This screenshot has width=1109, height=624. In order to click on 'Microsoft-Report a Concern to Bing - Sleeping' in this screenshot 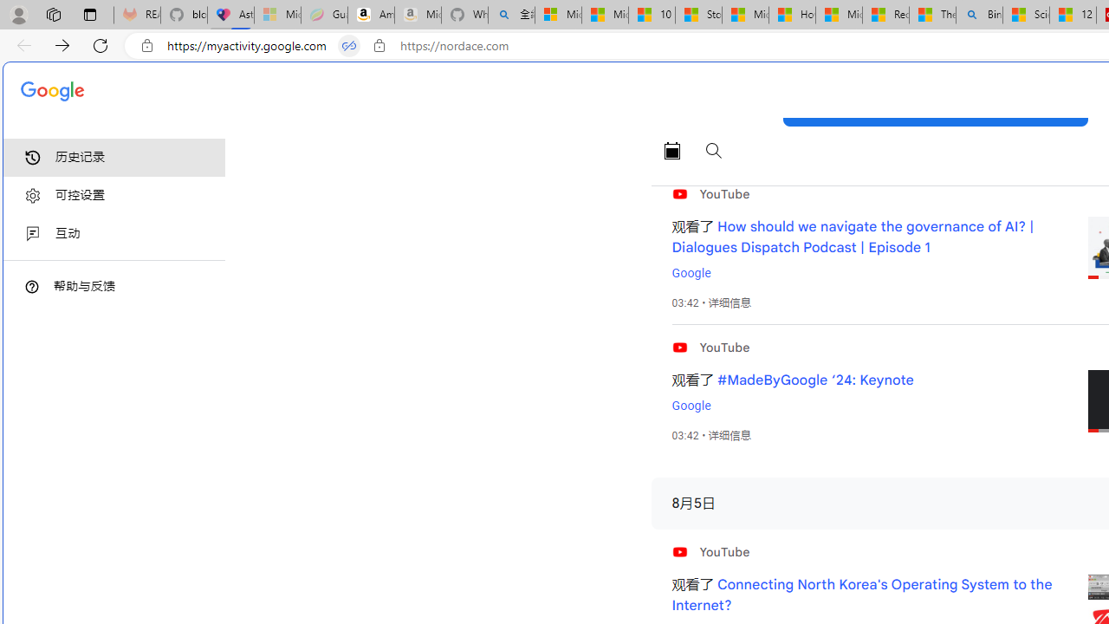, I will do `click(277, 15)`.